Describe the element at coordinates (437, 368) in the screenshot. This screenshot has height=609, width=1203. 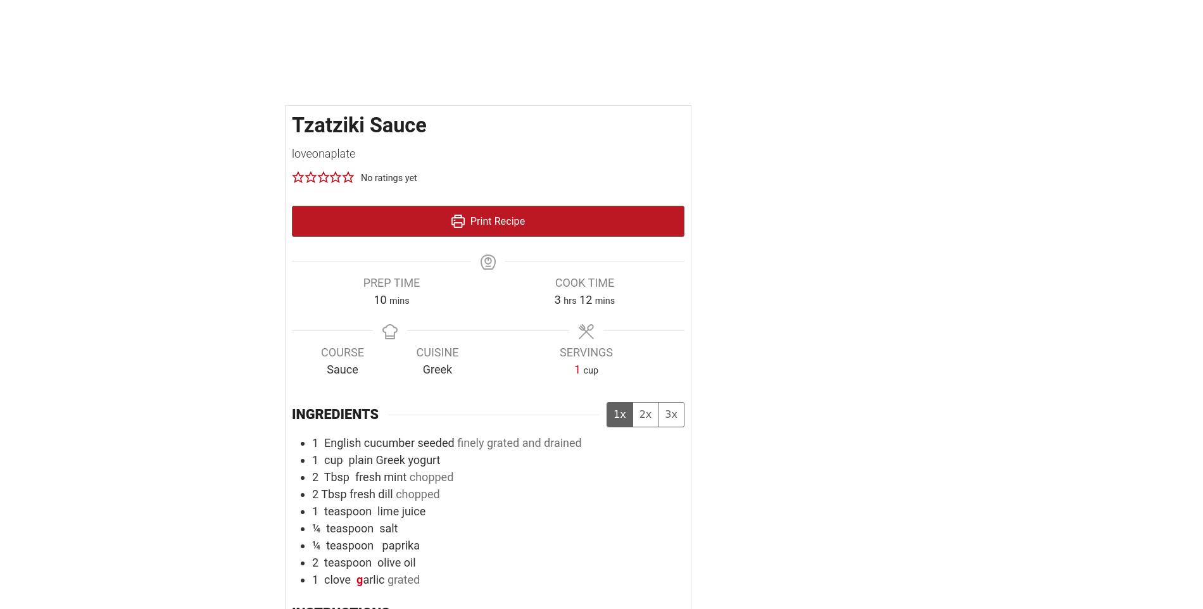
I see `'Greek'` at that location.